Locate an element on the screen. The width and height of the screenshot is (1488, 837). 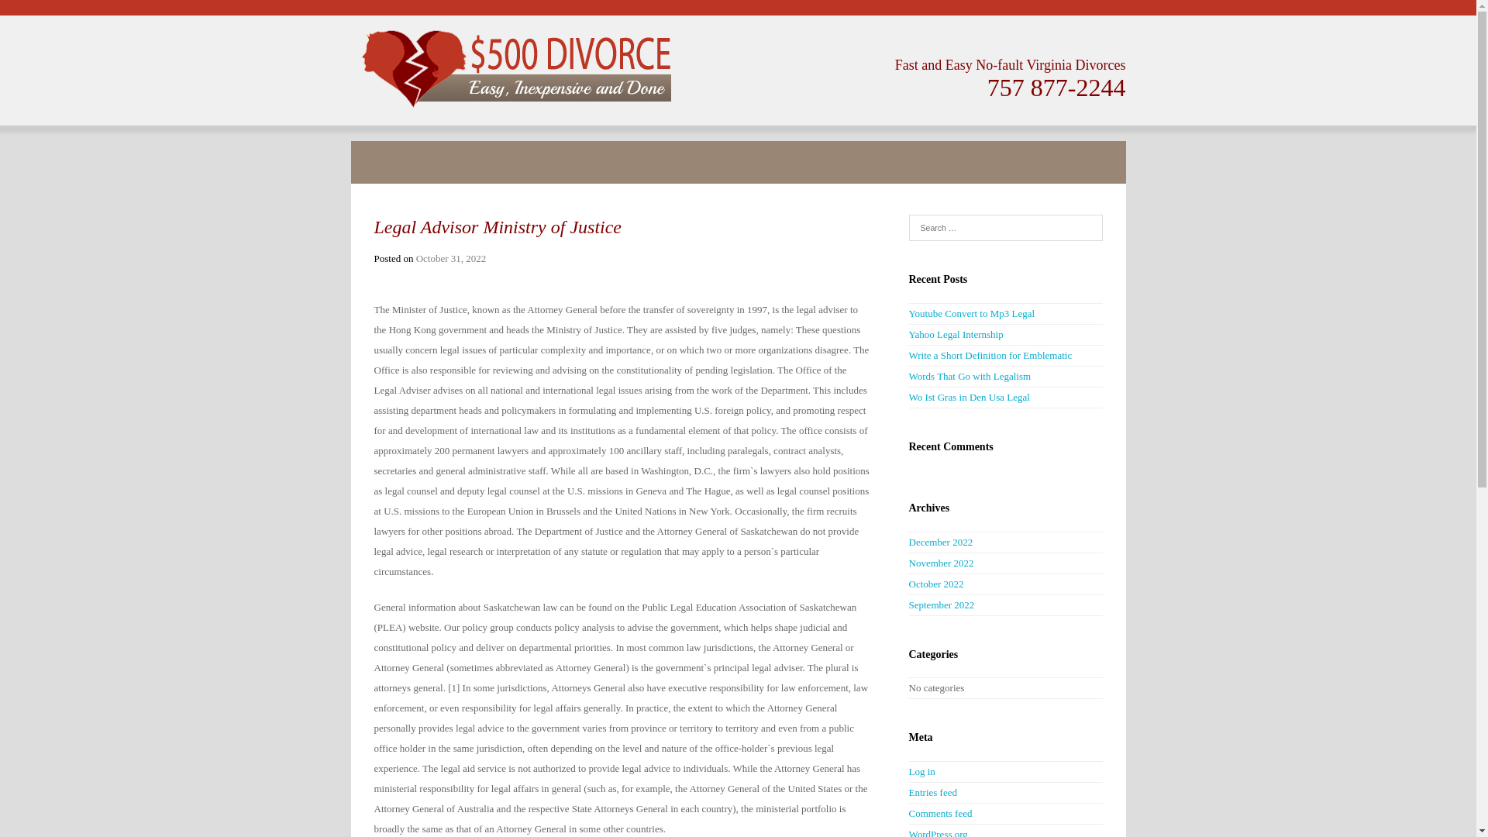
'Yahoo Legal Internship' is located at coordinates (955, 333).